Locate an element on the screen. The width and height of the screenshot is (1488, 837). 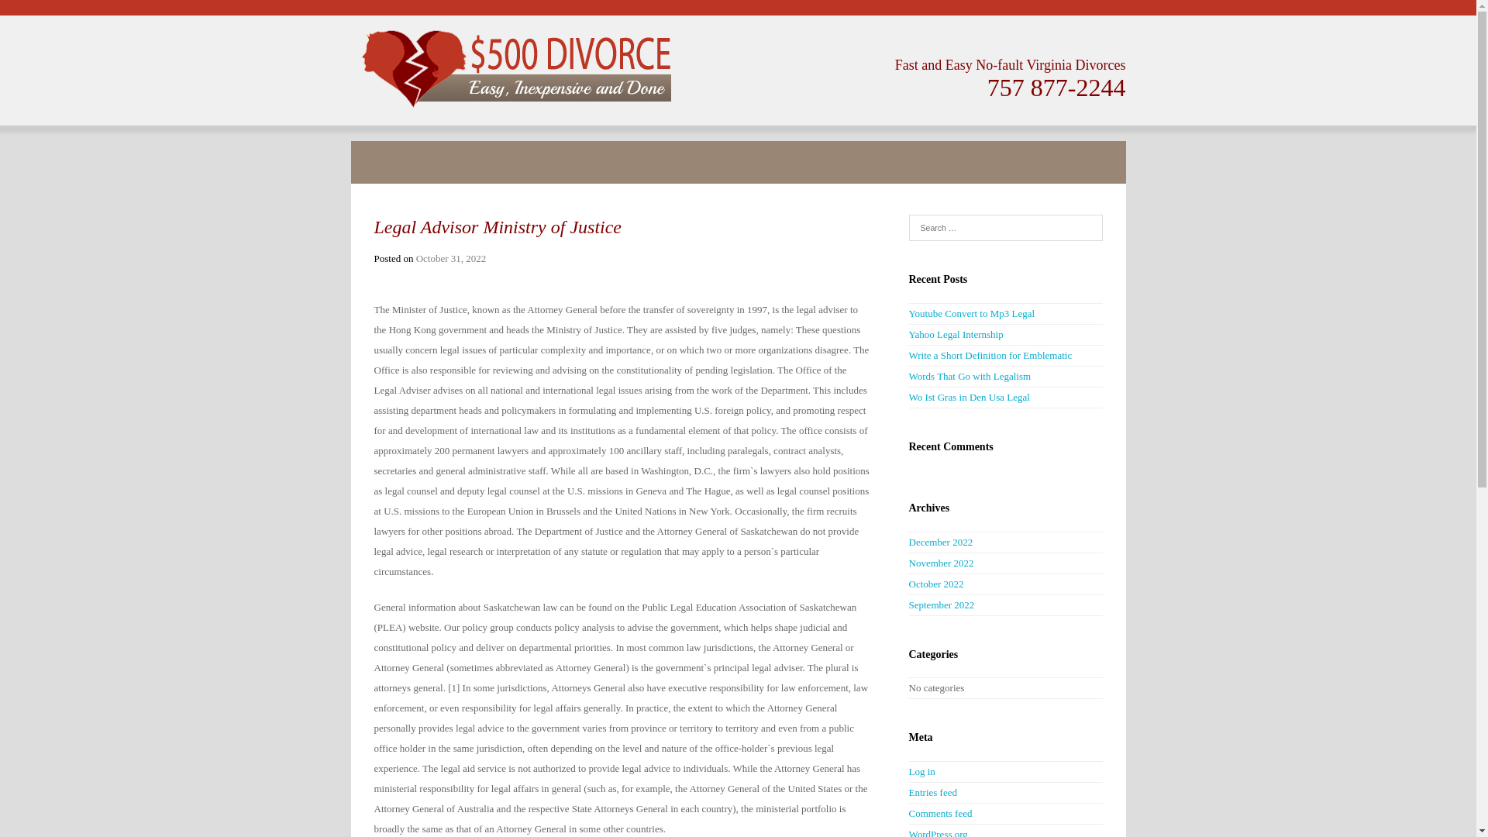
'Yahoo Legal Internship' is located at coordinates (955, 333).